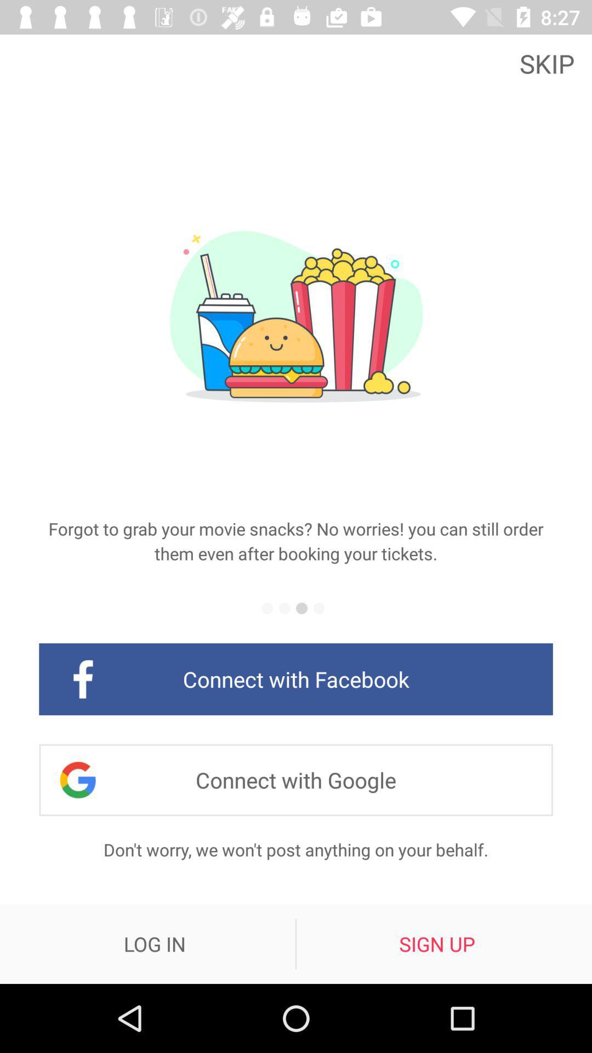  I want to click on the icon below the don t worry icon, so click(155, 943).